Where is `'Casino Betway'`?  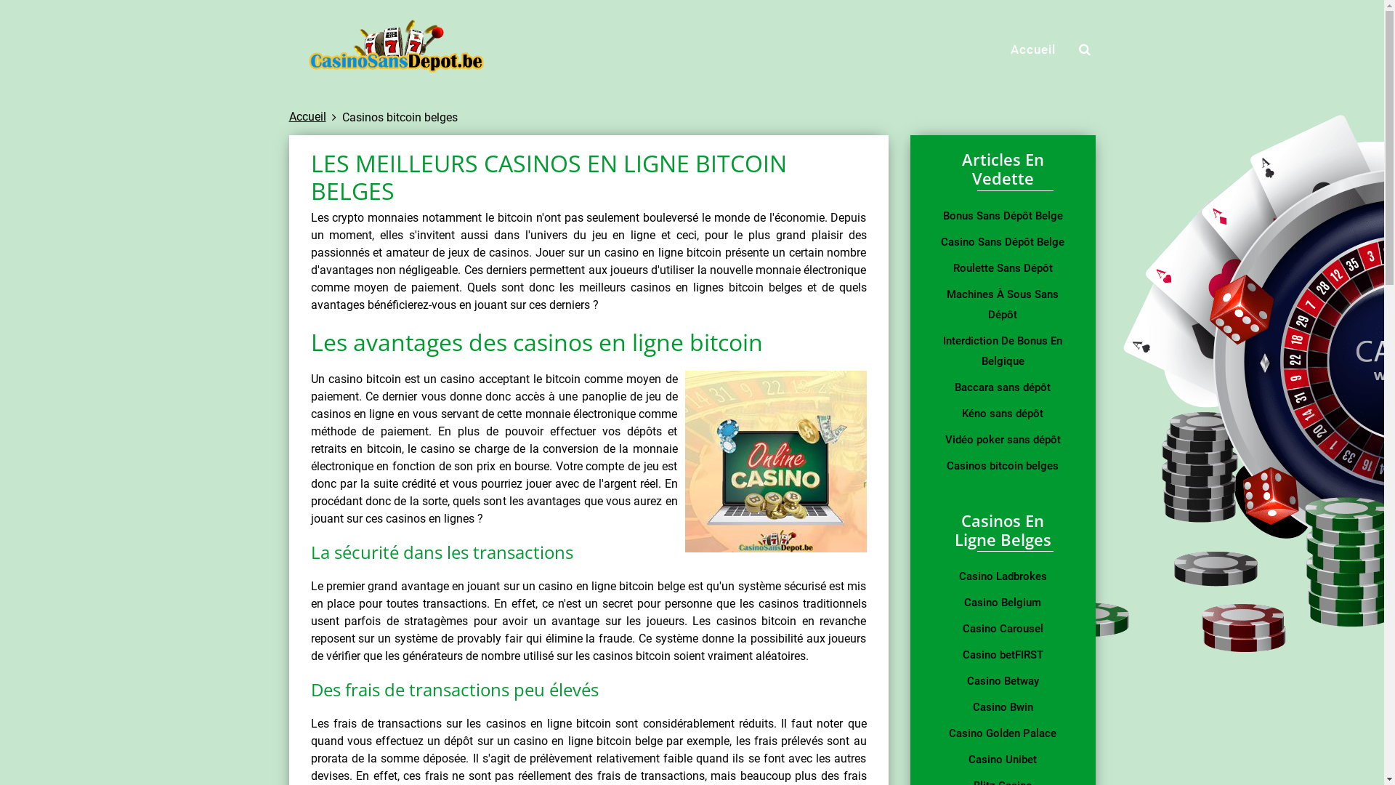 'Casino Betway' is located at coordinates (1001, 681).